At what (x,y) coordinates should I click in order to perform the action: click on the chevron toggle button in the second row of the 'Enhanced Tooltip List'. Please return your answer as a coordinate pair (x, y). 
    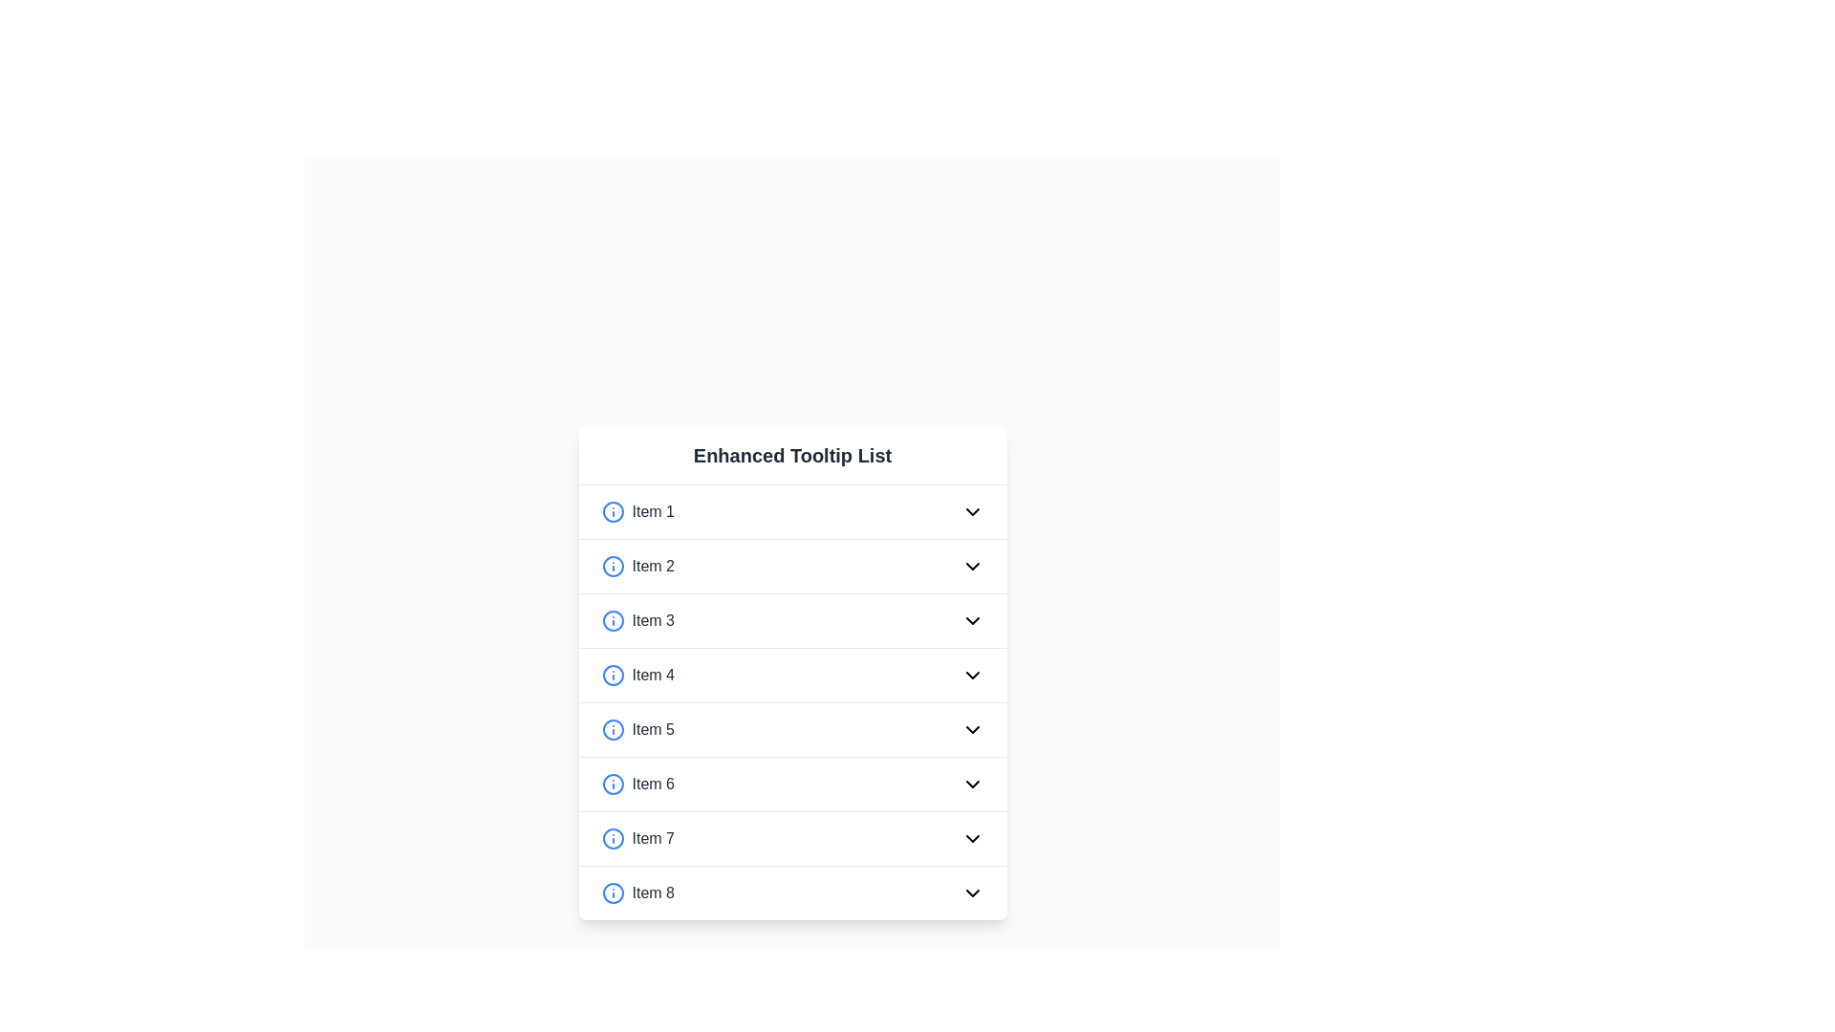
    Looking at the image, I should click on (972, 566).